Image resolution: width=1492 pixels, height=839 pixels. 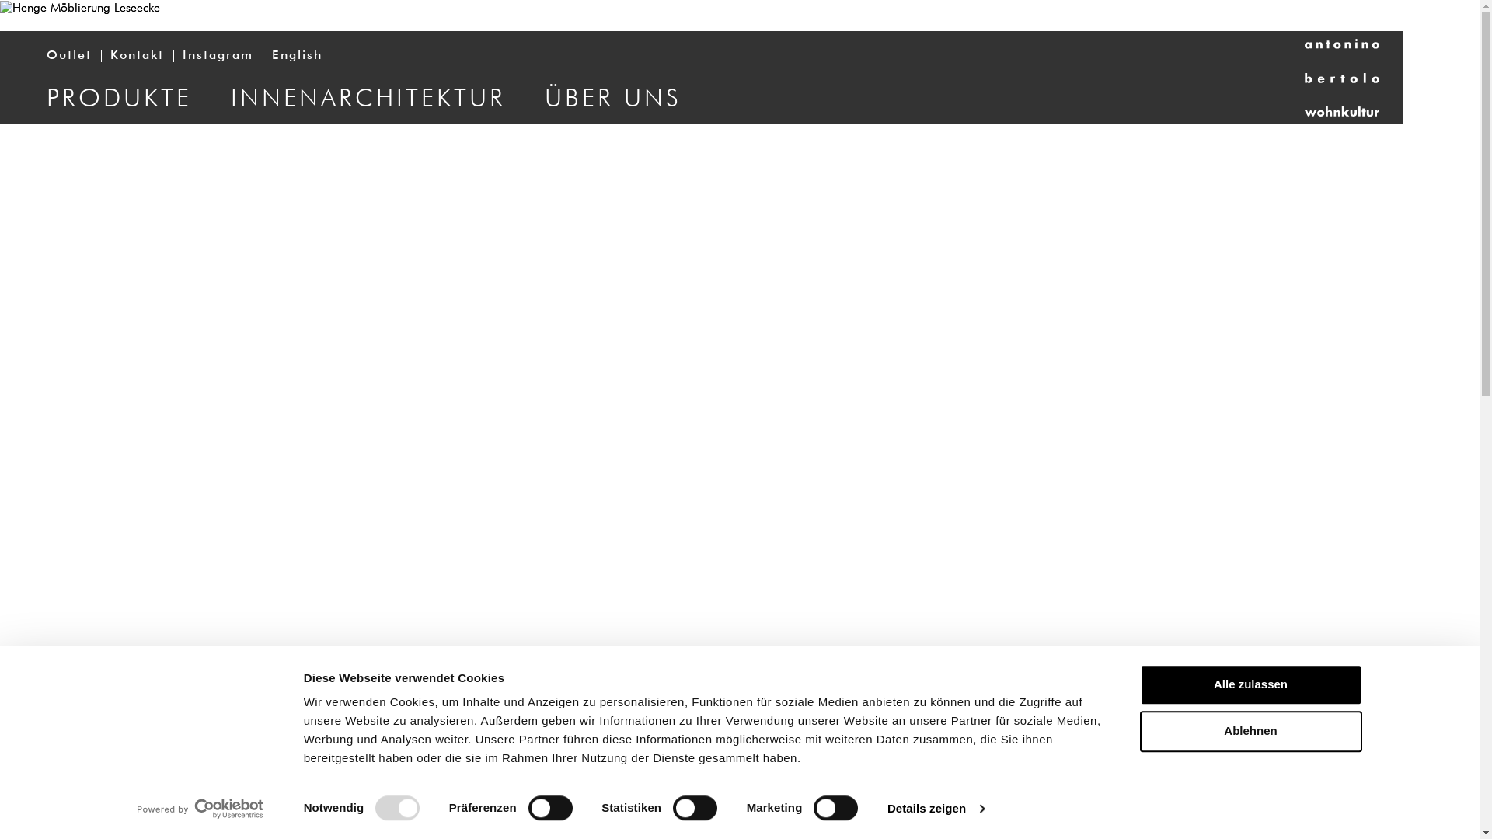 I want to click on 'English', so click(x=297, y=55).